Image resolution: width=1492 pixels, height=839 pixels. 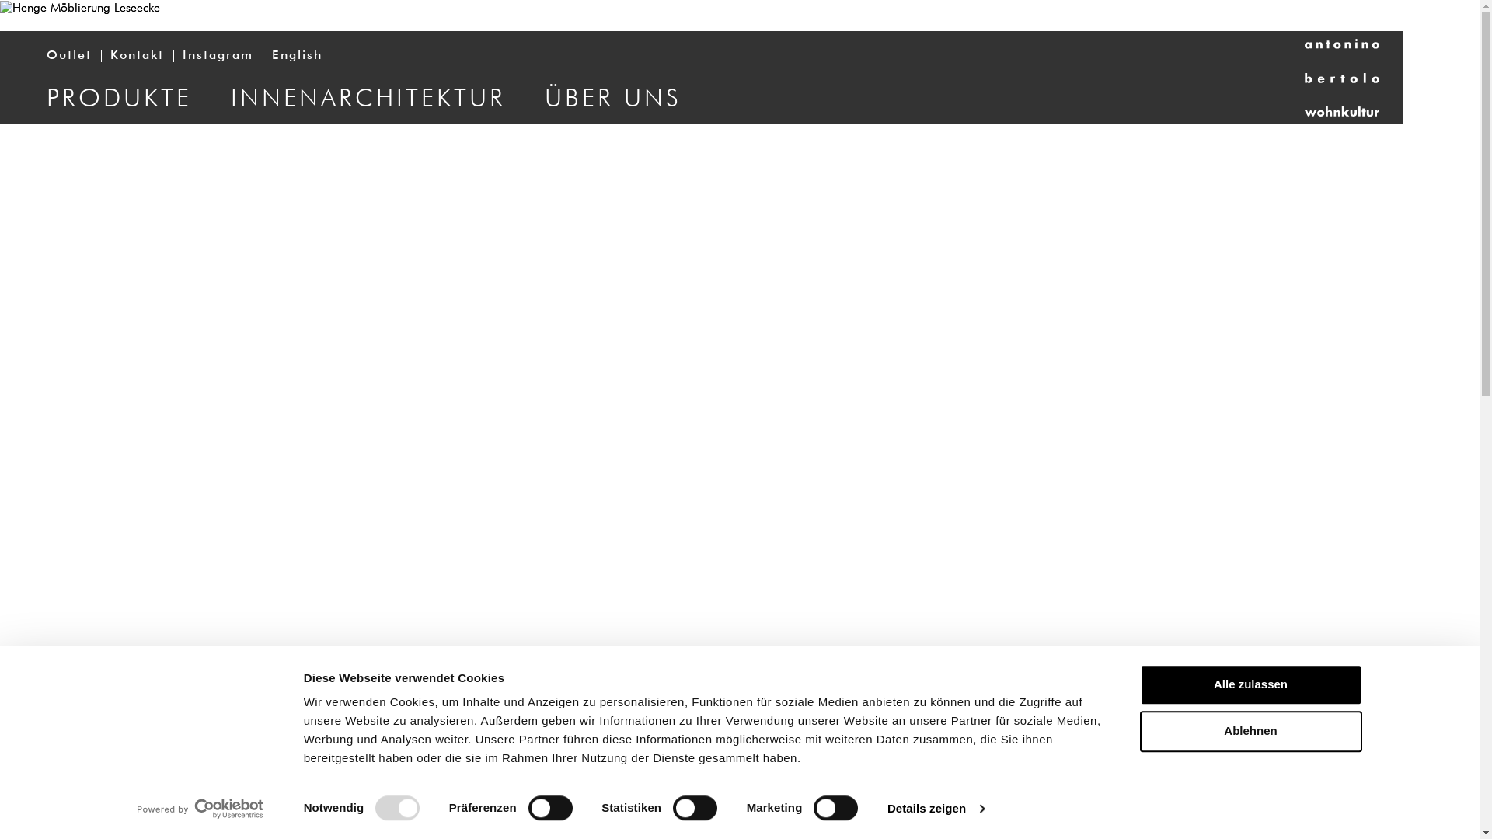 I want to click on 'English', so click(x=297, y=55).